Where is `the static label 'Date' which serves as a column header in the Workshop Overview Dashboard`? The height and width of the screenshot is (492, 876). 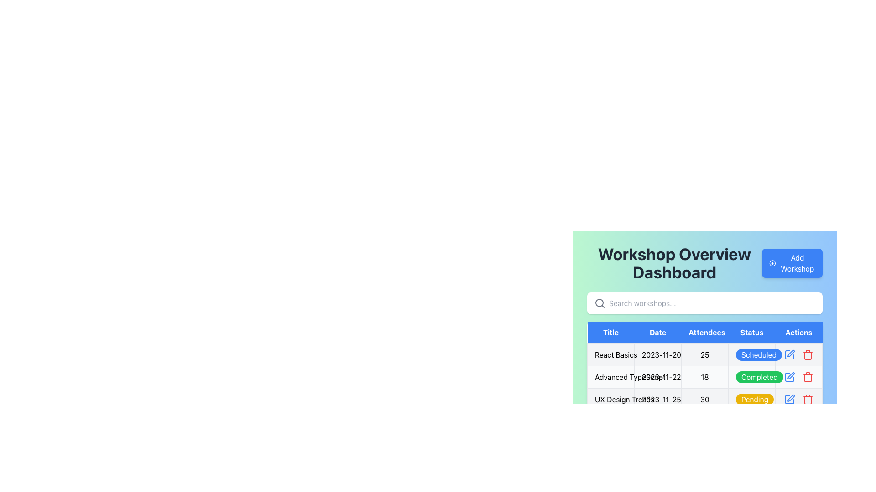 the static label 'Date' which serves as a column header in the Workshop Overview Dashboard is located at coordinates (657, 332).